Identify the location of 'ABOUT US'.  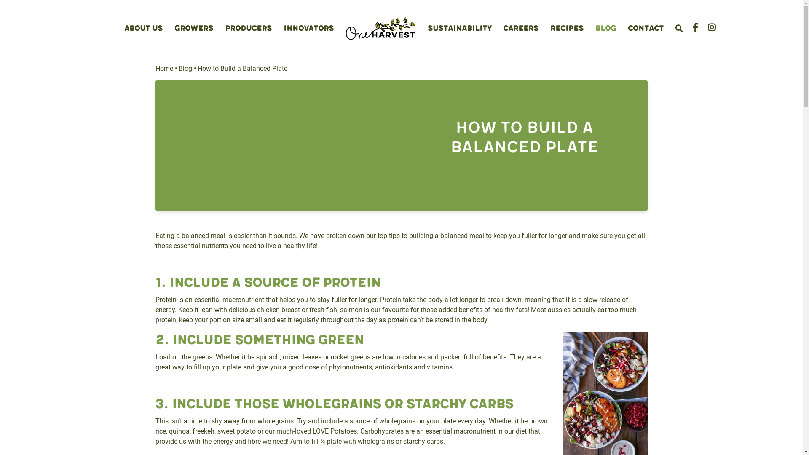
(143, 28).